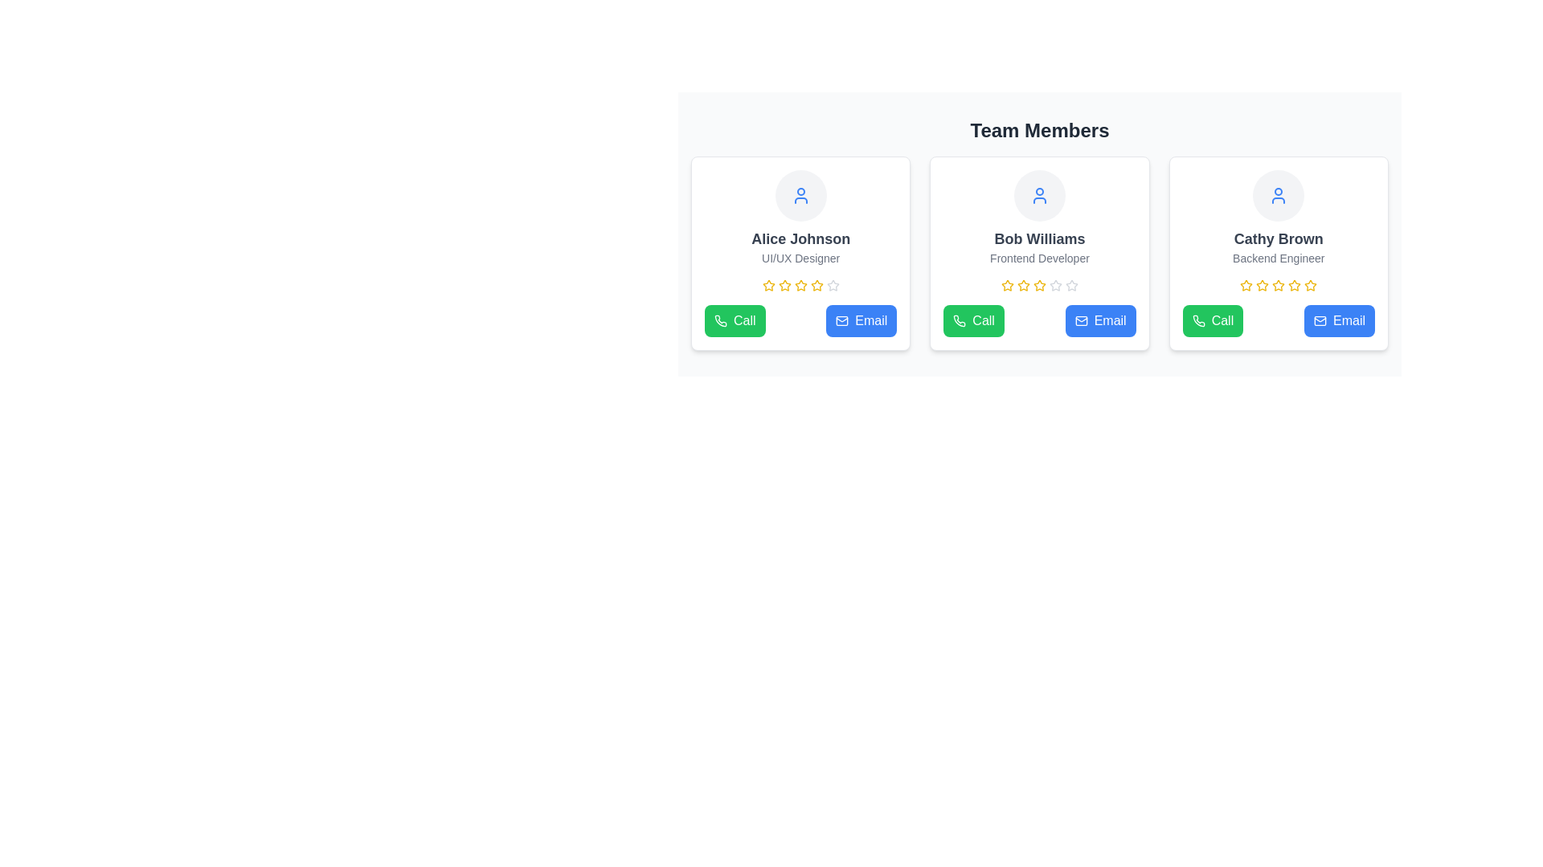 The height and width of the screenshot is (867, 1543). I want to click on the second rating star icon with a yellow border and white-filled interior under the name 'Bob Williams' in the second user card of the 'Team Members' group, so click(1006, 284).